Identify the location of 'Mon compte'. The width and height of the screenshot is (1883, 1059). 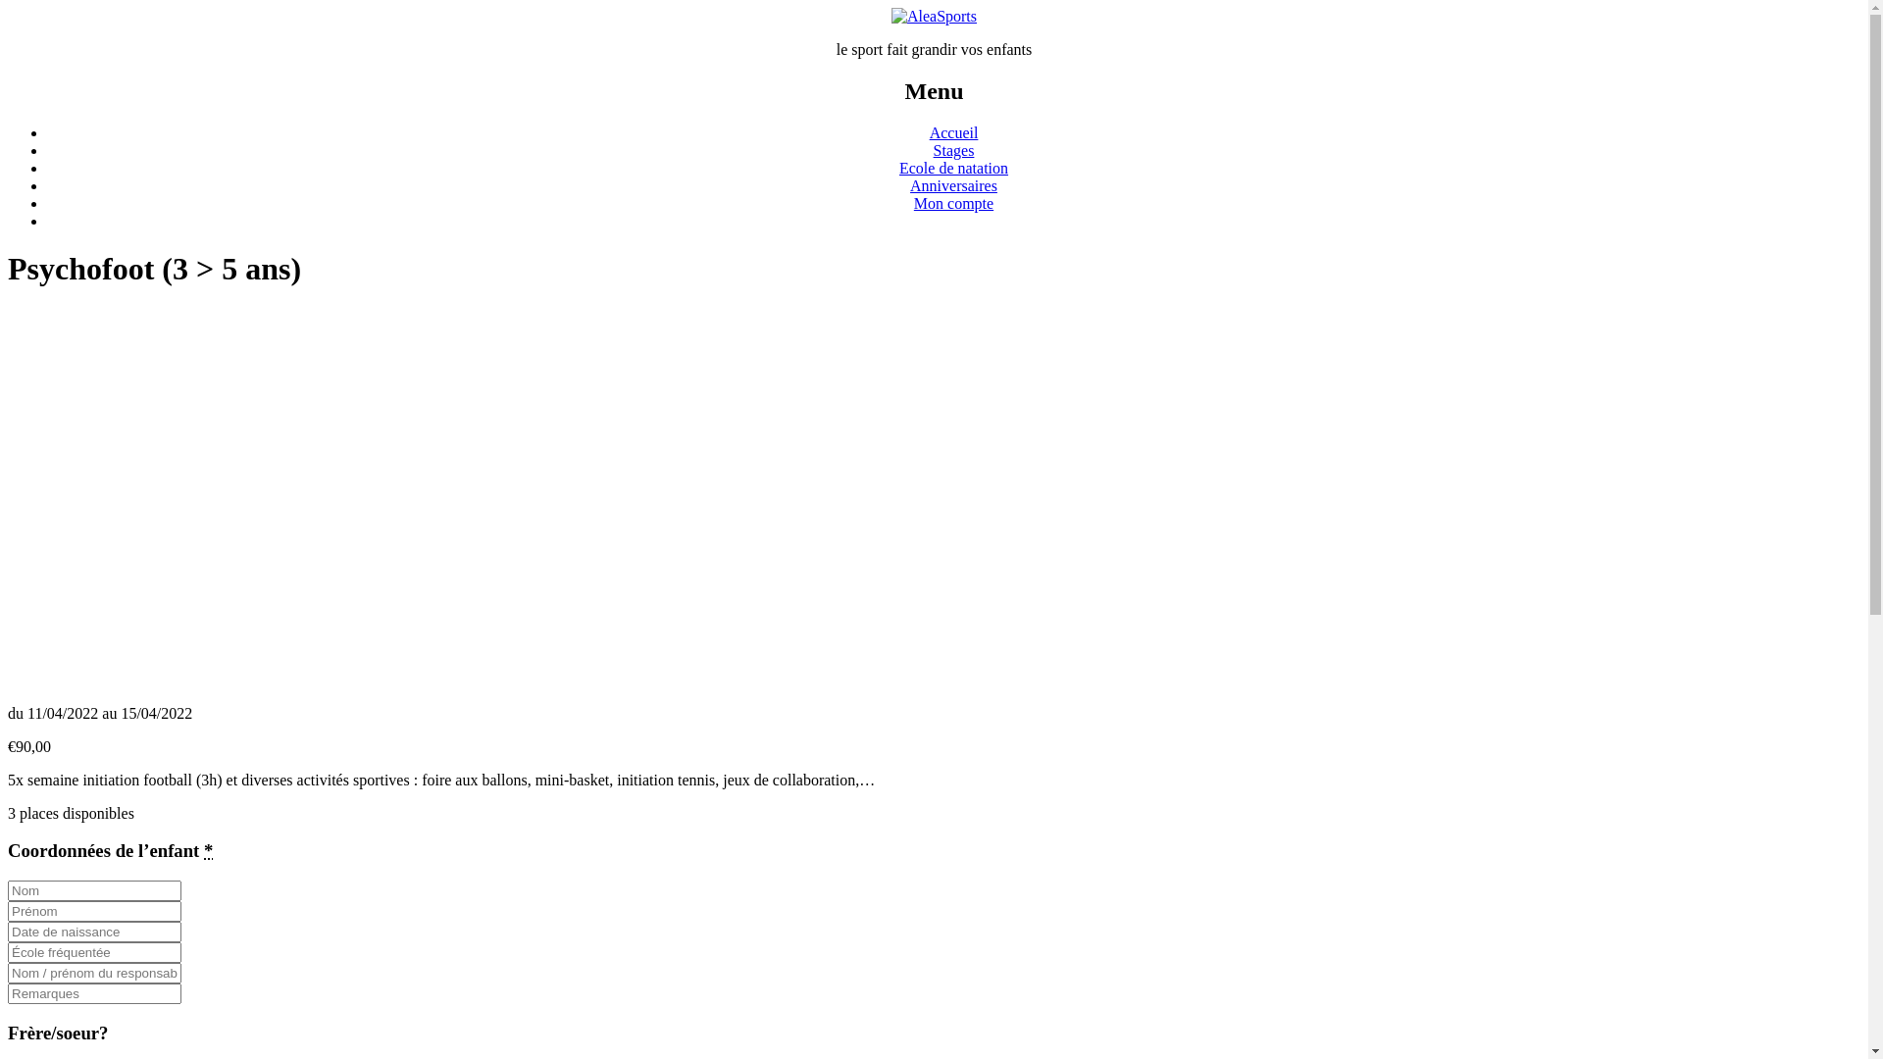
(912, 203).